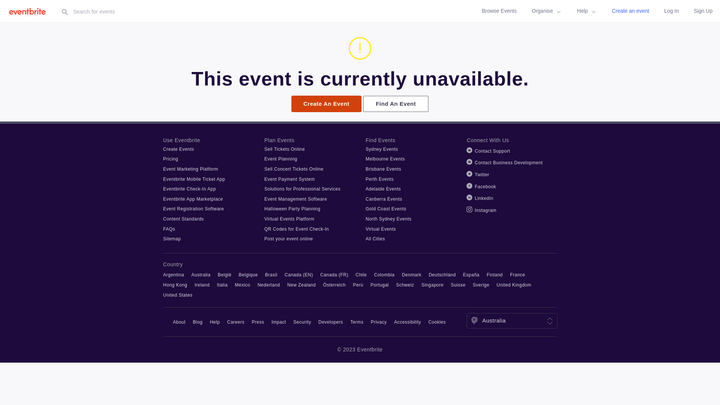  What do you see at coordinates (375, 238) in the screenshot?
I see `'All Cities'` at bounding box center [375, 238].